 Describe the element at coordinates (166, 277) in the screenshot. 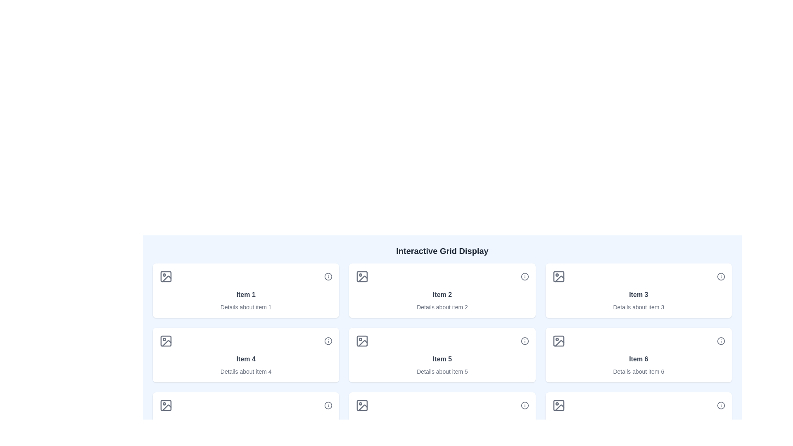

I see `the icon located in the top-left corner of the grid layout, specifically within the first card labeled 'Item 1', which serves as a visual placeholder for image-related content` at that location.